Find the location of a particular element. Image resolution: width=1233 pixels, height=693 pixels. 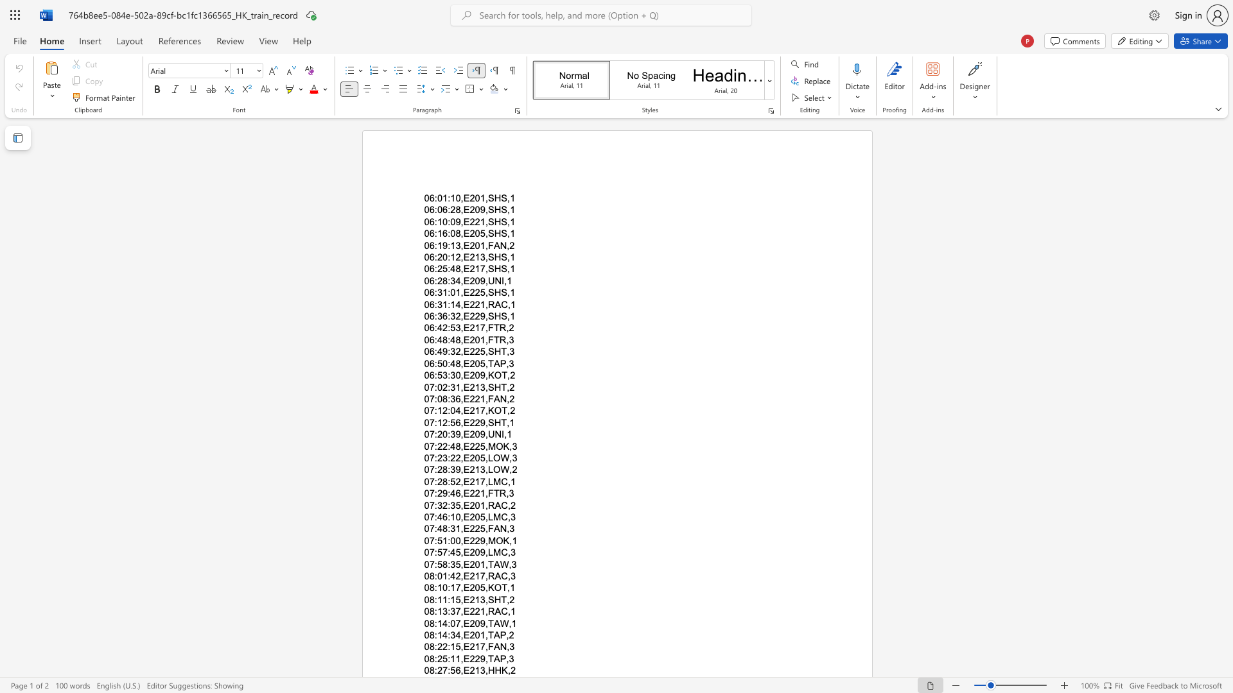

the subset text "TR," within the text "07:29:46,E221,FTR,3" is located at coordinates (493, 493).